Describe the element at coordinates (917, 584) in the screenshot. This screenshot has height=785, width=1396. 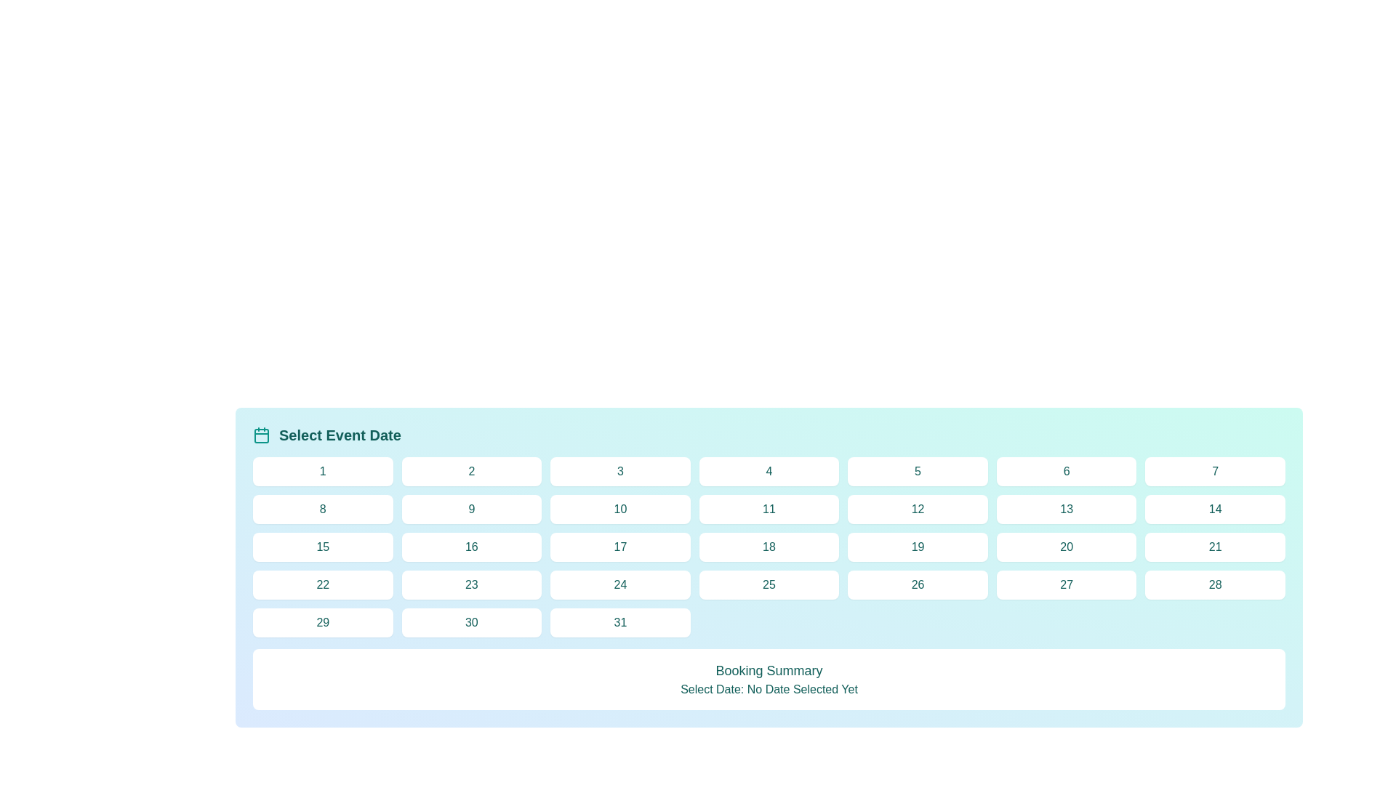
I see `the day selection button for the 26th day of the month displayed in the calendar` at that location.